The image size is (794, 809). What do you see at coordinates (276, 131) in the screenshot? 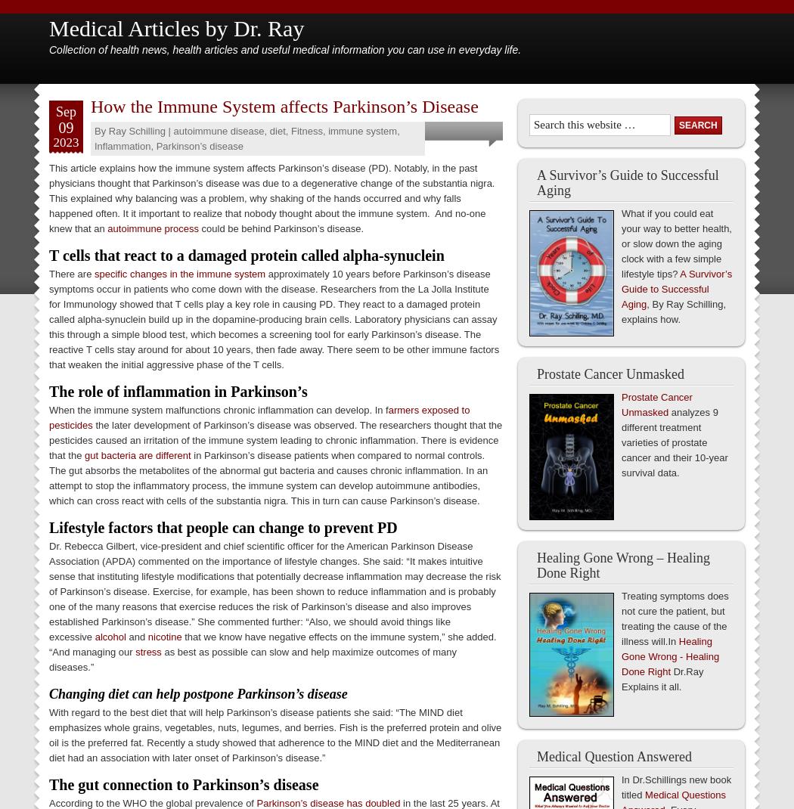
I see `'diet'` at bounding box center [276, 131].